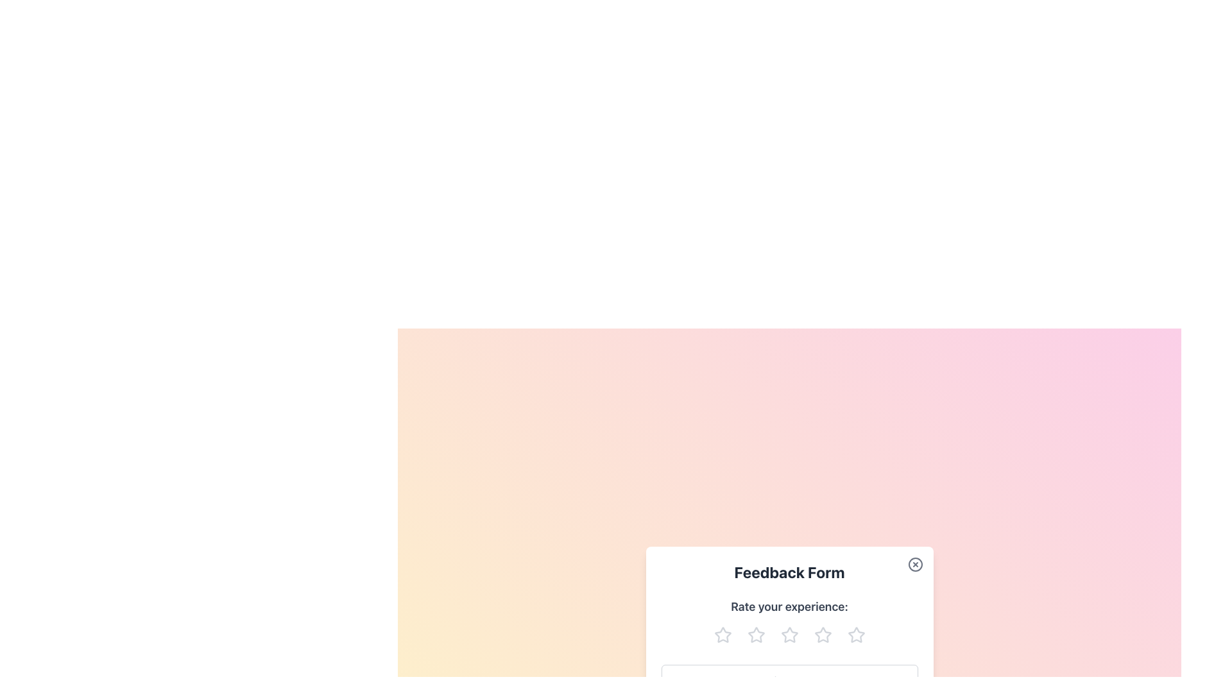 The height and width of the screenshot is (693, 1232). Describe the element at coordinates (723, 635) in the screenshot. I see `the first interactive star rating button to scale it, allowing the user to visually select their rating` at that location.